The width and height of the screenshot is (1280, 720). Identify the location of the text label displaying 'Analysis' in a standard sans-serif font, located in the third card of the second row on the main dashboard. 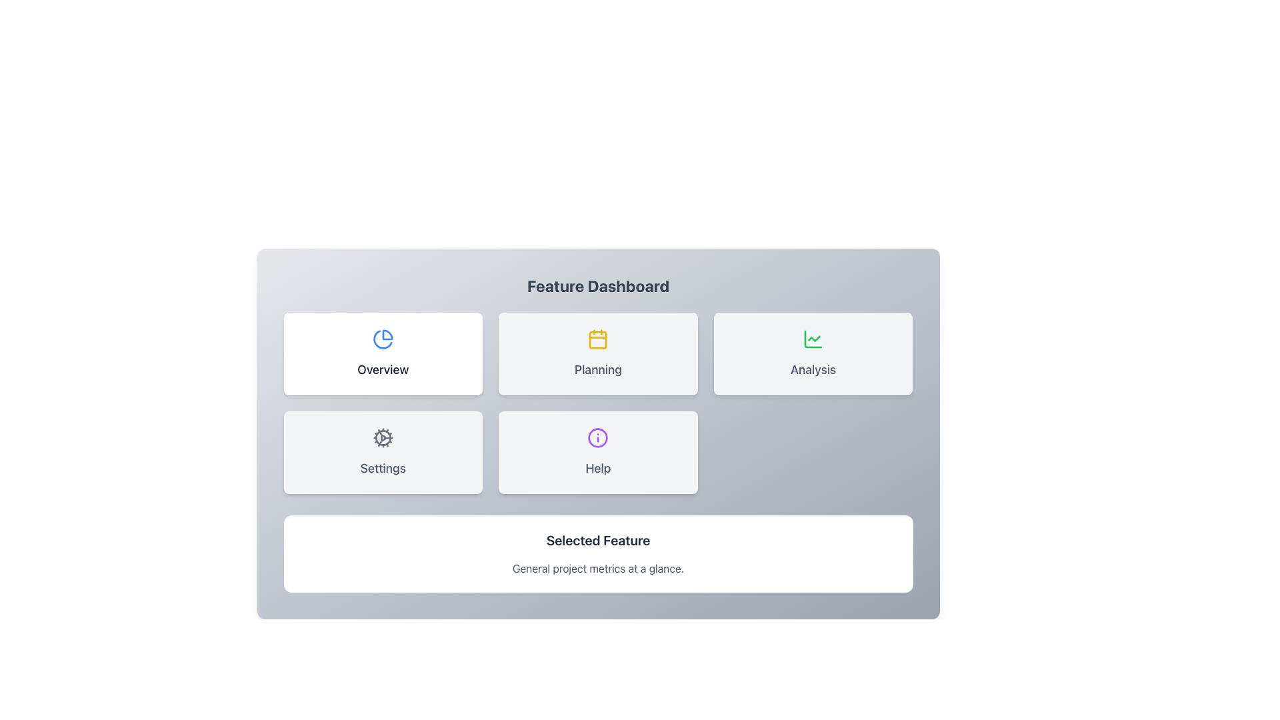
(813, 370).